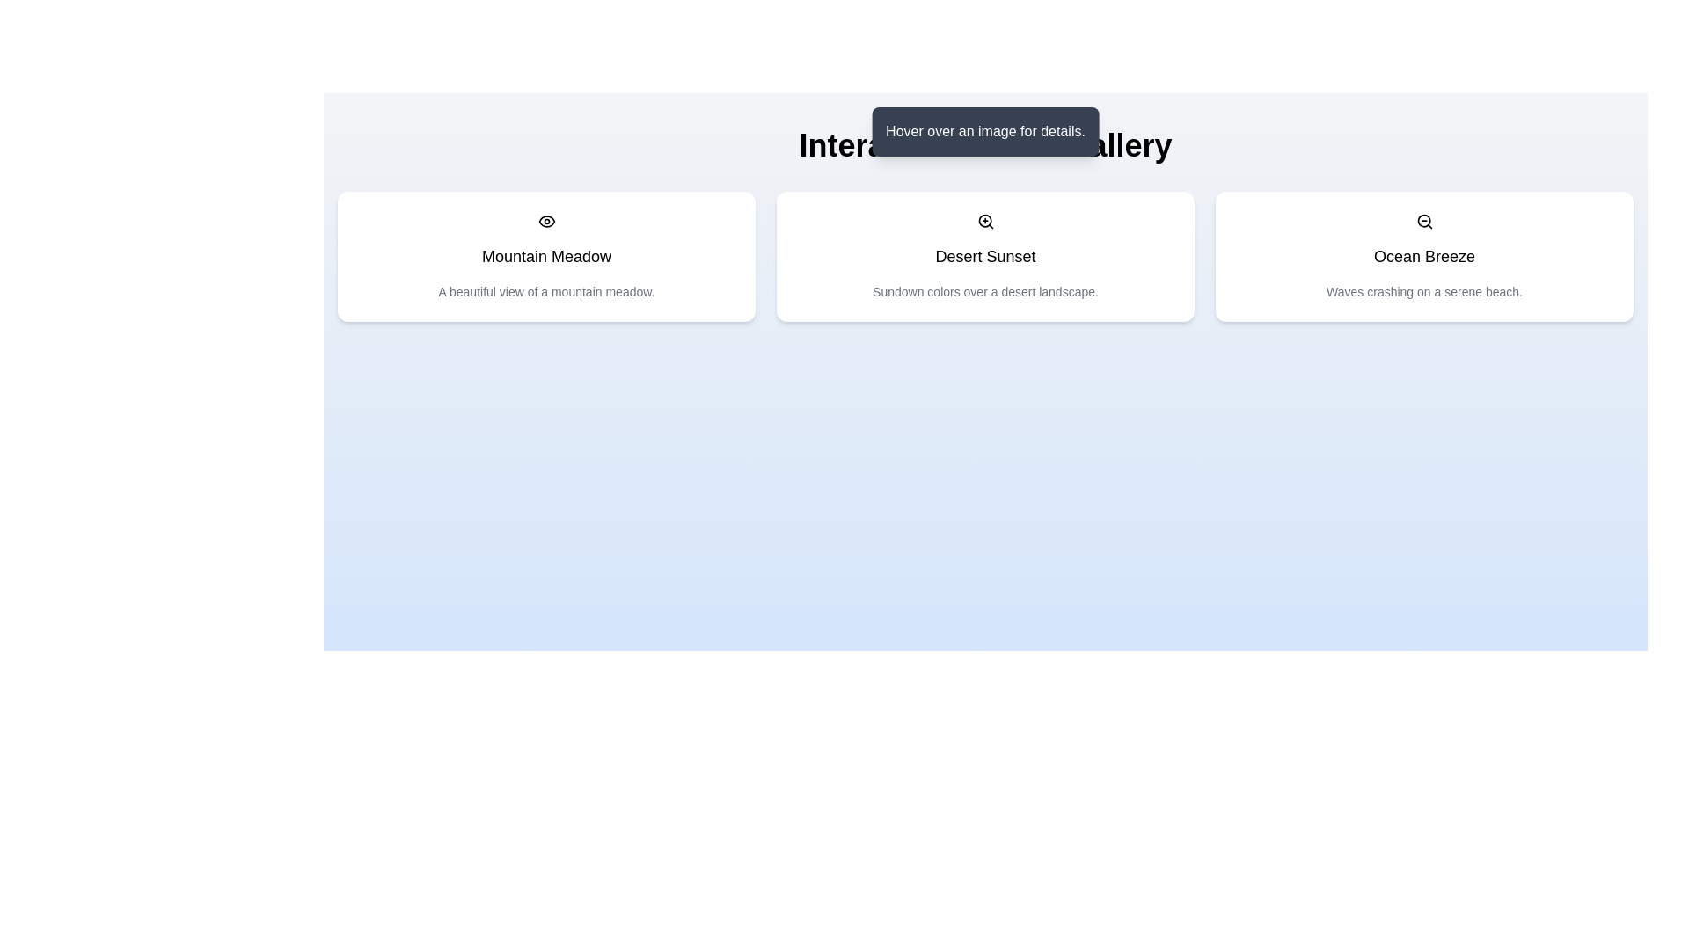 This screenshot has height=950, width=1689. What do you see at coordinates (985, 290) in the screenshot?
I see `descriptive text label located beneath the title text 'Desert Sunset', which provides additional information about the content` at bounding box center [985, 290].